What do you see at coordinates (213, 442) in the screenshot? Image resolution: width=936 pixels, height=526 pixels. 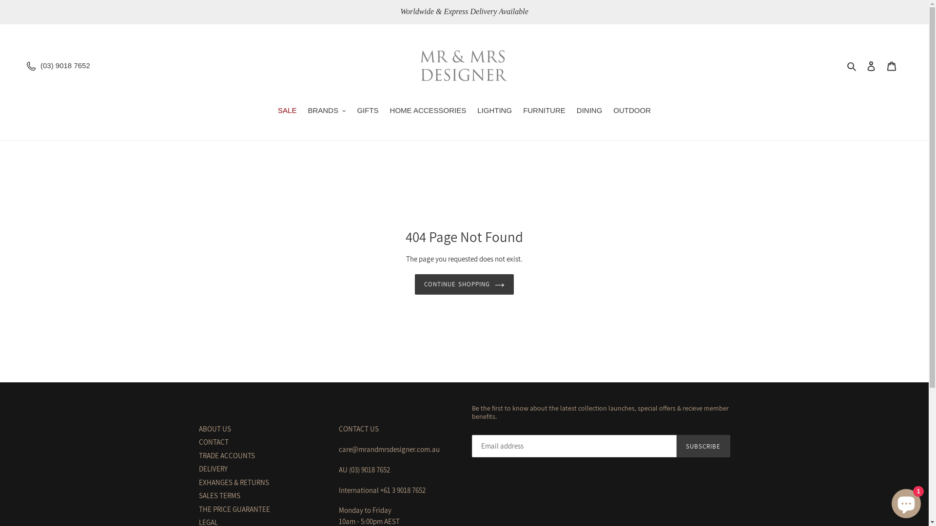 I see `'CONTACT'` at bounding box center [213, 442].